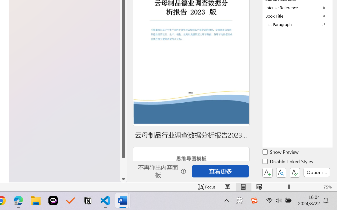  What do you see at coordinates (227, 187) in the screenshot?
I see `'Read Mode'` at bounding box center [227, 187].